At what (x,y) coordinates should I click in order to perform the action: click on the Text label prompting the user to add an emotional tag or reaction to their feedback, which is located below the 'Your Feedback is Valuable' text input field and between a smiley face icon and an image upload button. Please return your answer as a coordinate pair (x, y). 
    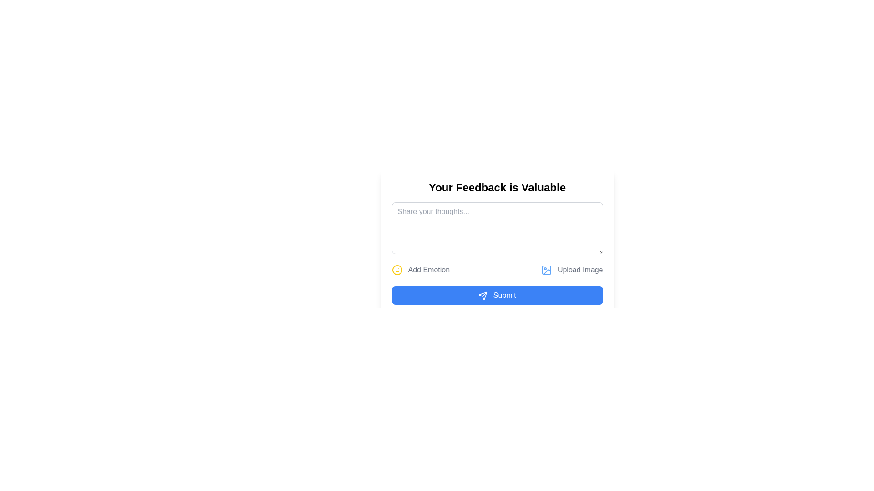
    Looking at the image, I should click on (428, 270).